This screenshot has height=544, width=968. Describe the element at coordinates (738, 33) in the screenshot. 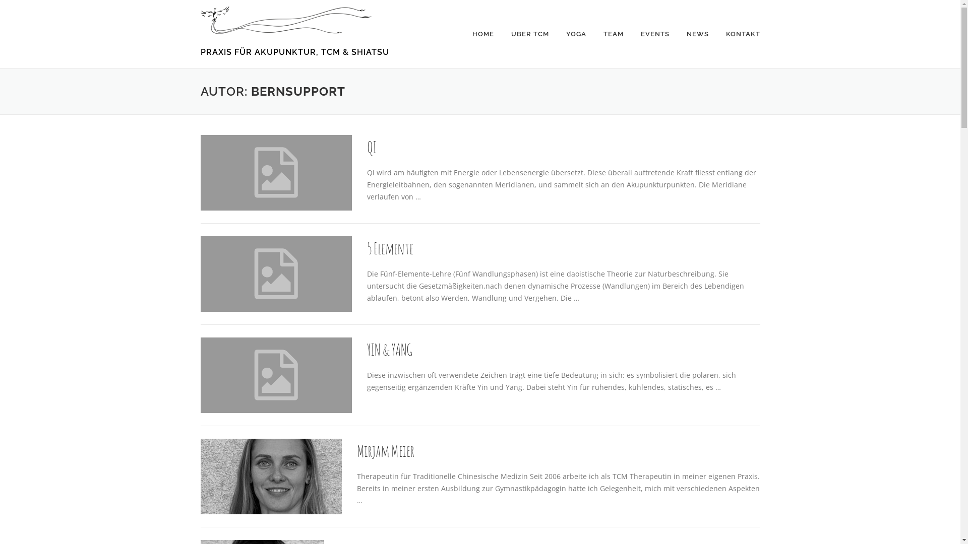

I see `'KONTAKT'` at that location.